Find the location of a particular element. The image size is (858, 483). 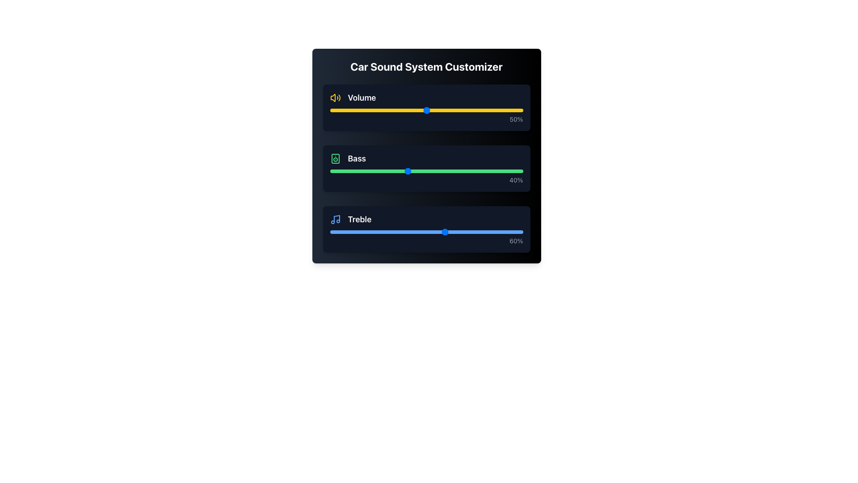

the volume is located at coordinates (362, 110).